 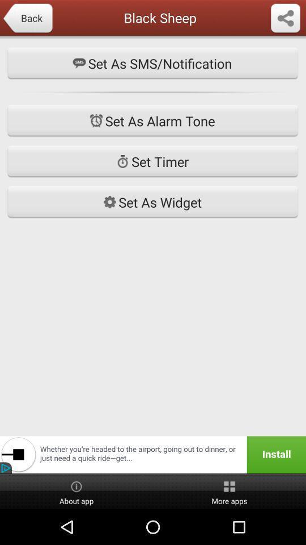 What do you see at coordinates (153, 455) in the screenshot?
I see `unstall` at bounding box center [153, 455].